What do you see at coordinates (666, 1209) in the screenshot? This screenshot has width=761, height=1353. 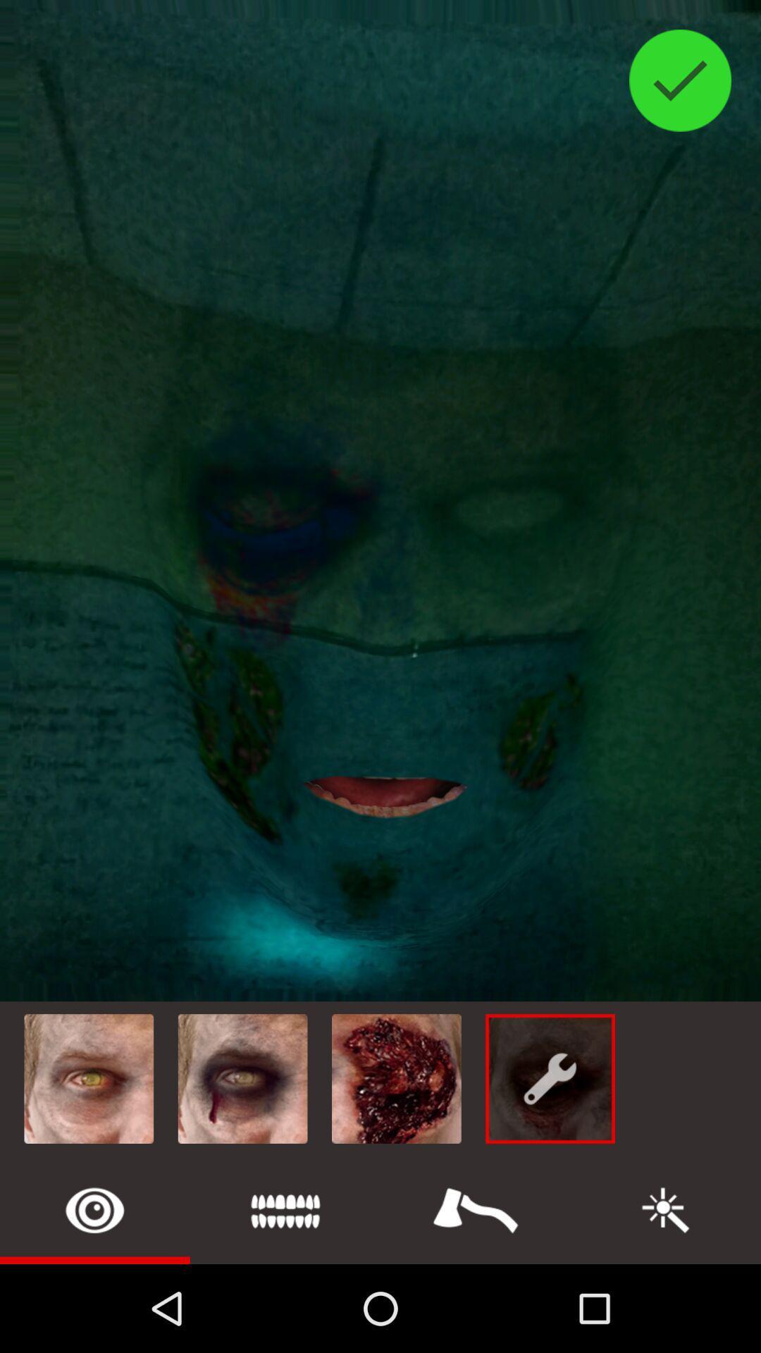 I see `increase brightness` at bounding box center [666, 1209].